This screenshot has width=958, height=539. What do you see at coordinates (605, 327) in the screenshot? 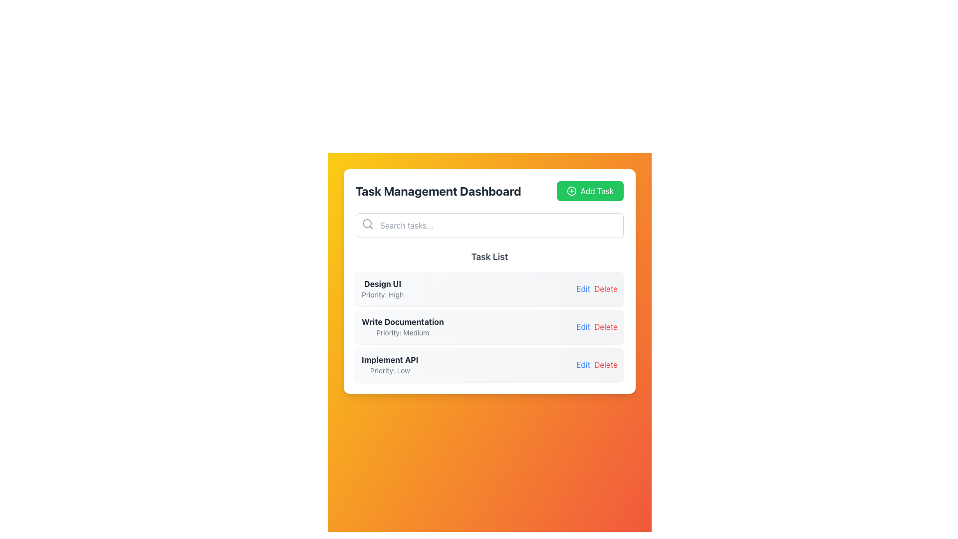
I see `the 'Delete' button with red text in the task control interface for the task 'Write Documentation'` at bounding box center [605, 327].